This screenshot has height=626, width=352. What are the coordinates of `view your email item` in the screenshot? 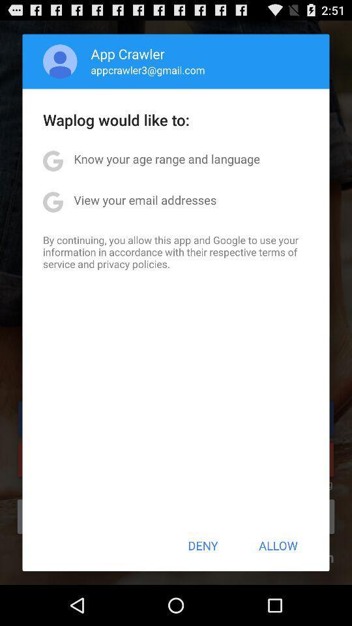 It's located at (144, 200).